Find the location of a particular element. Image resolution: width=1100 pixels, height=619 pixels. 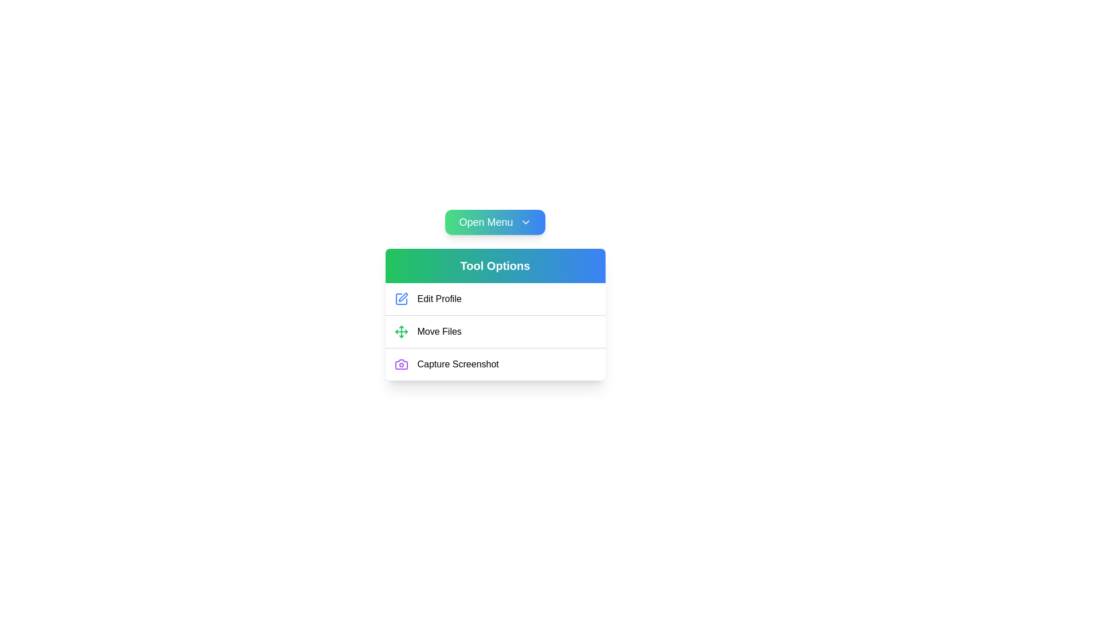

the 'Edit Profile' text label located in the 'Tool Options' dropdown menu is located at coordinates (439, 298).